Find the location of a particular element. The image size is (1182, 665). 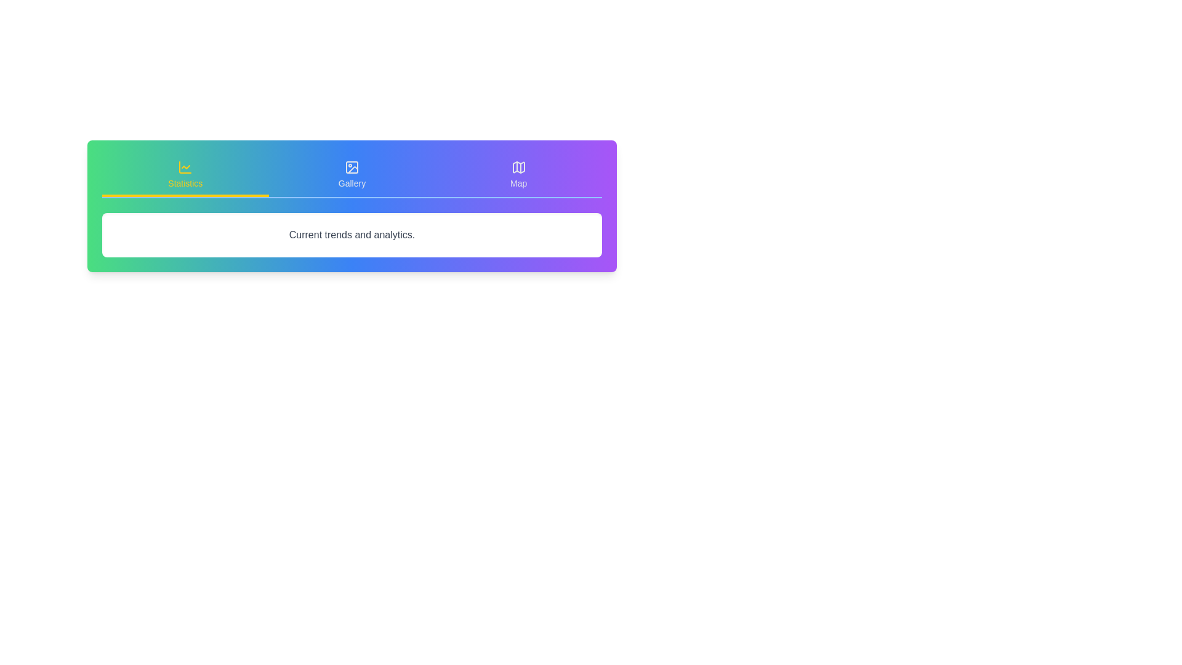

the tab labeled Gallery to view its content is located at coordinates (351, 175).